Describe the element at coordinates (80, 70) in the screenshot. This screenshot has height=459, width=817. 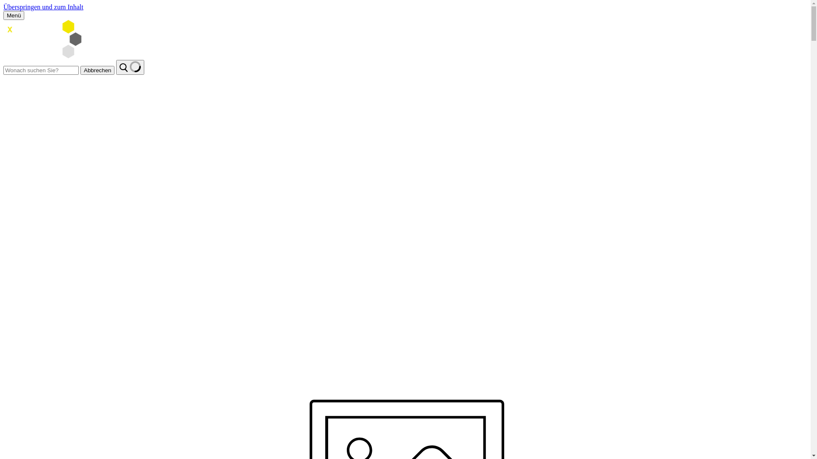
I see `'Abbrechen'` at that location.